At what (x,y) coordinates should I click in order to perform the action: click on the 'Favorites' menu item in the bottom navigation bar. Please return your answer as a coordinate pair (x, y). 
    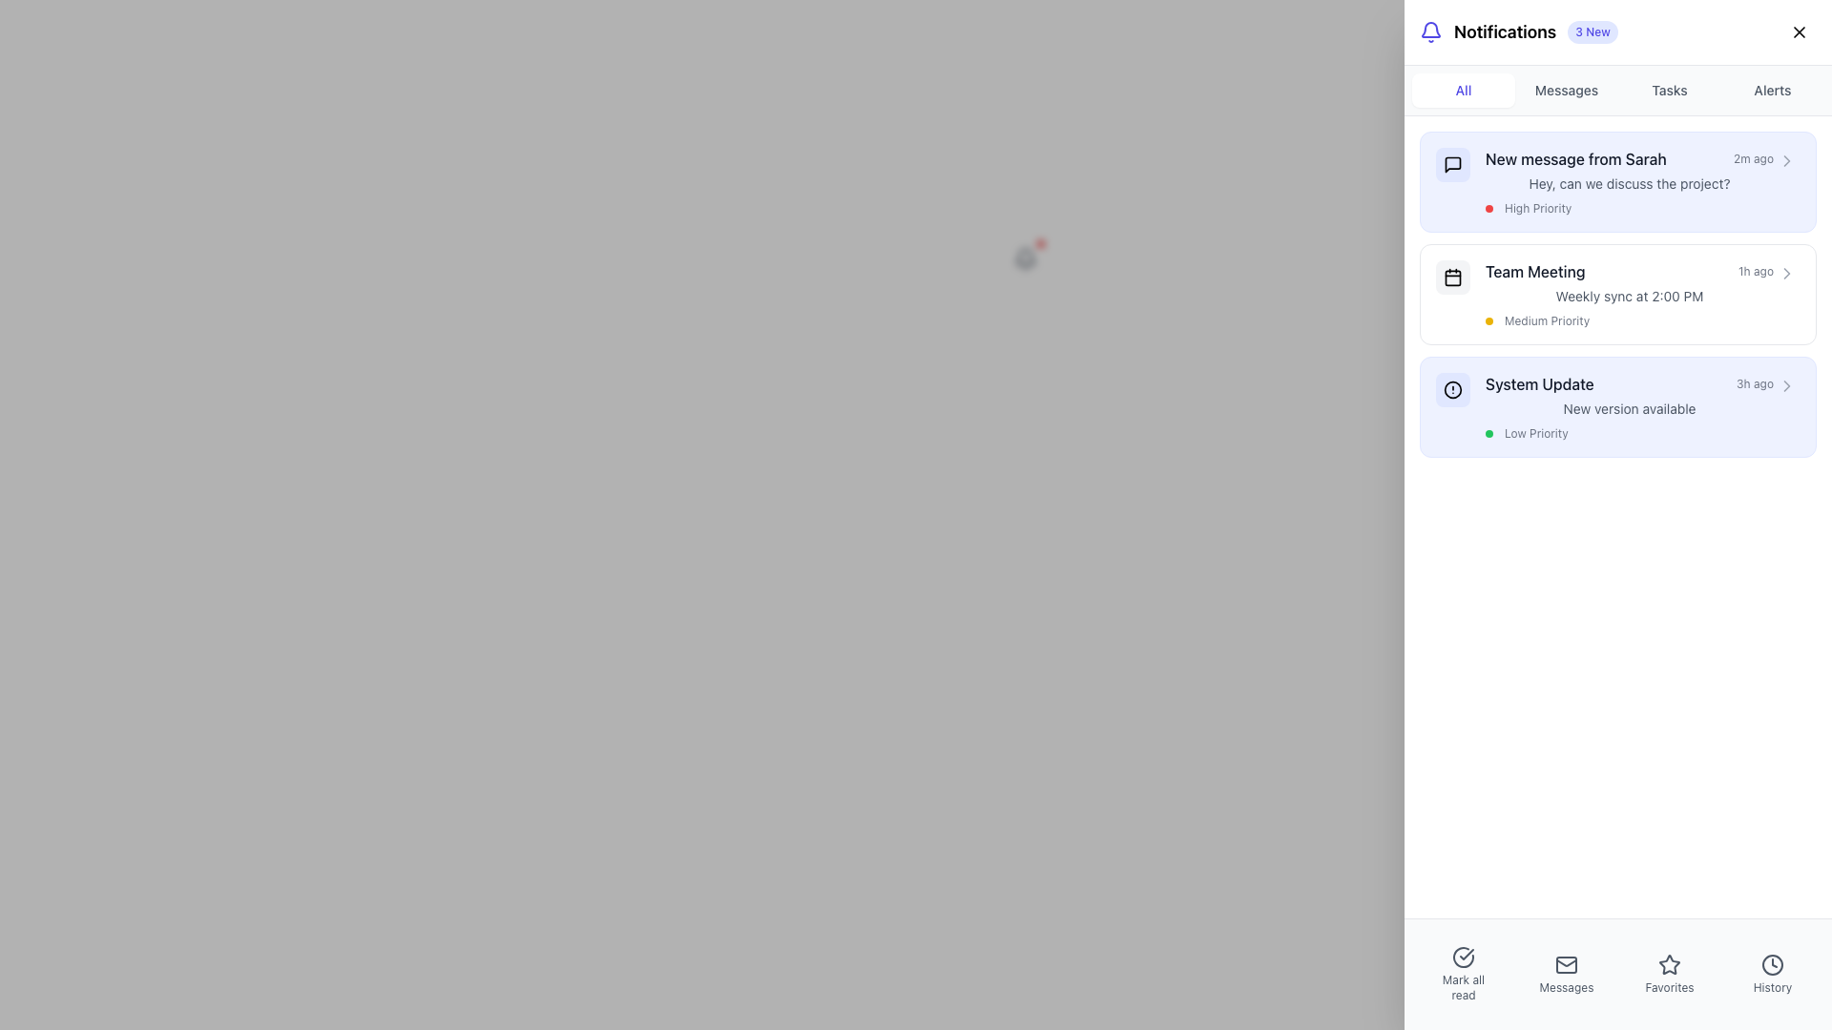
    Looking at the image, I should click on (1616, 975).